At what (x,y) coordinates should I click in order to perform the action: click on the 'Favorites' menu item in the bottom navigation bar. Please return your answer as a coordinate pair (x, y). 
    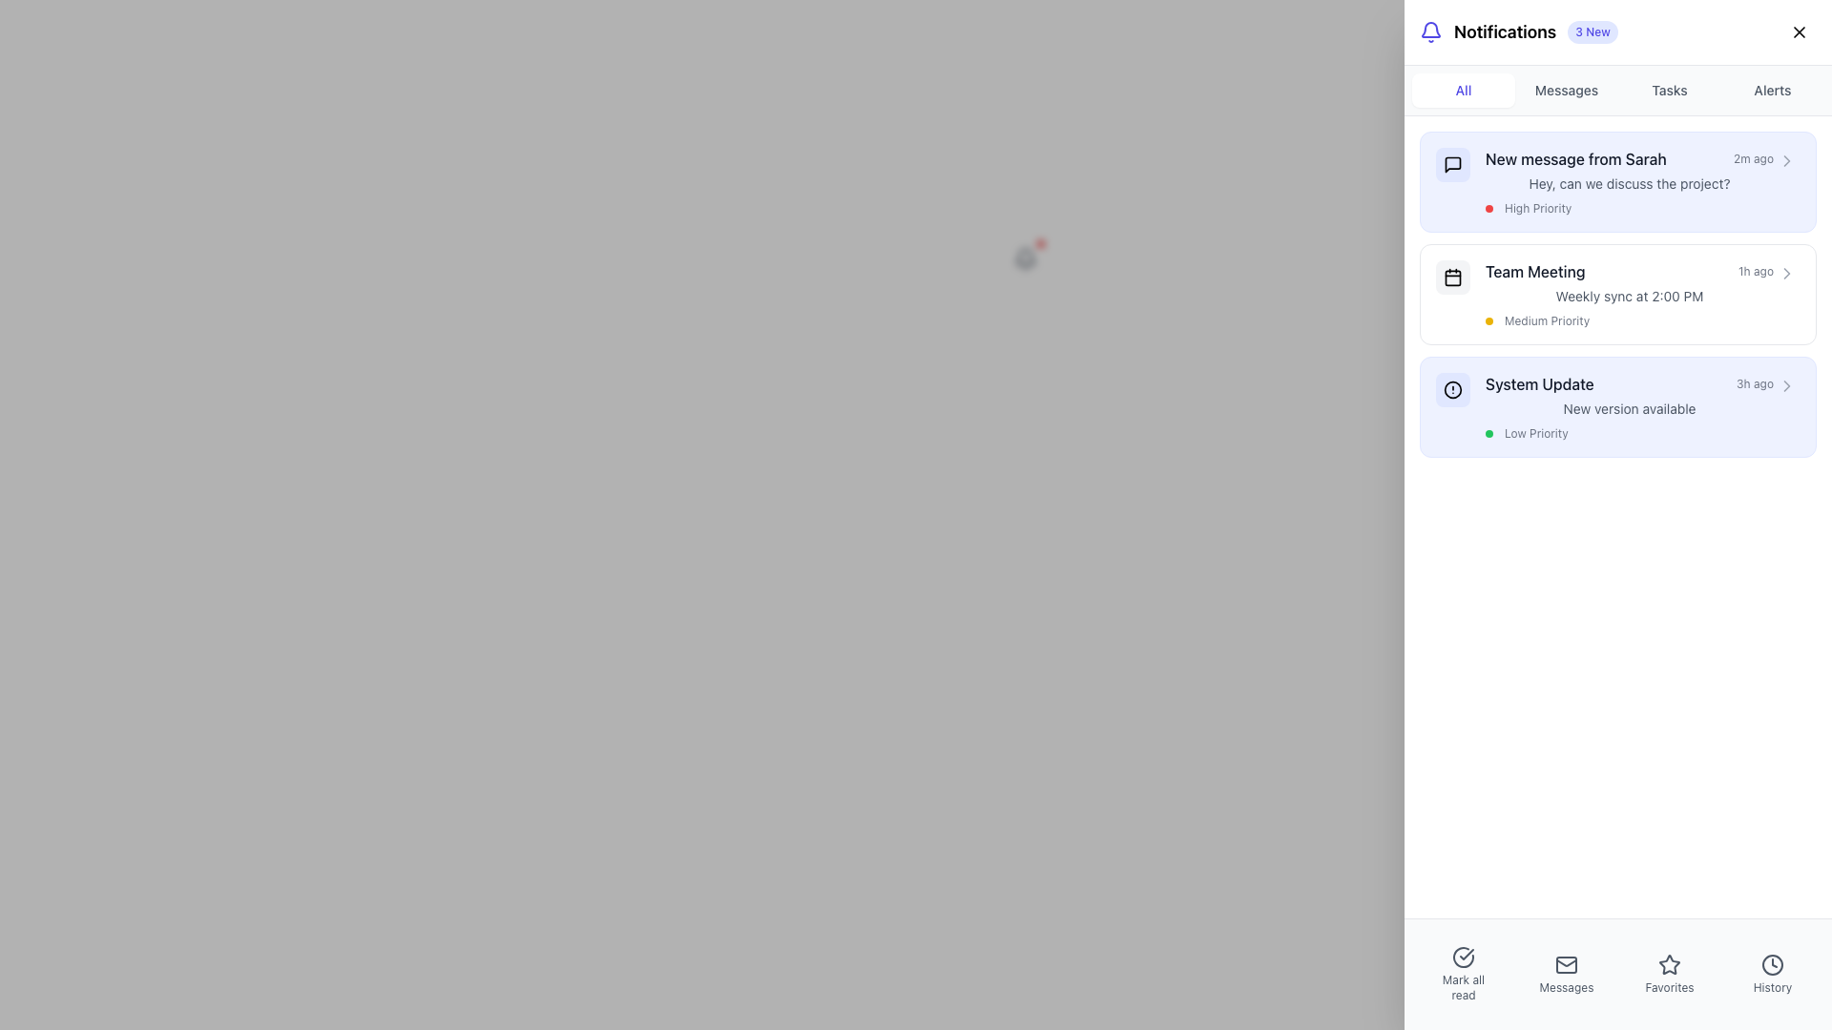
    Looking at the image, I should click on (1616, 975).